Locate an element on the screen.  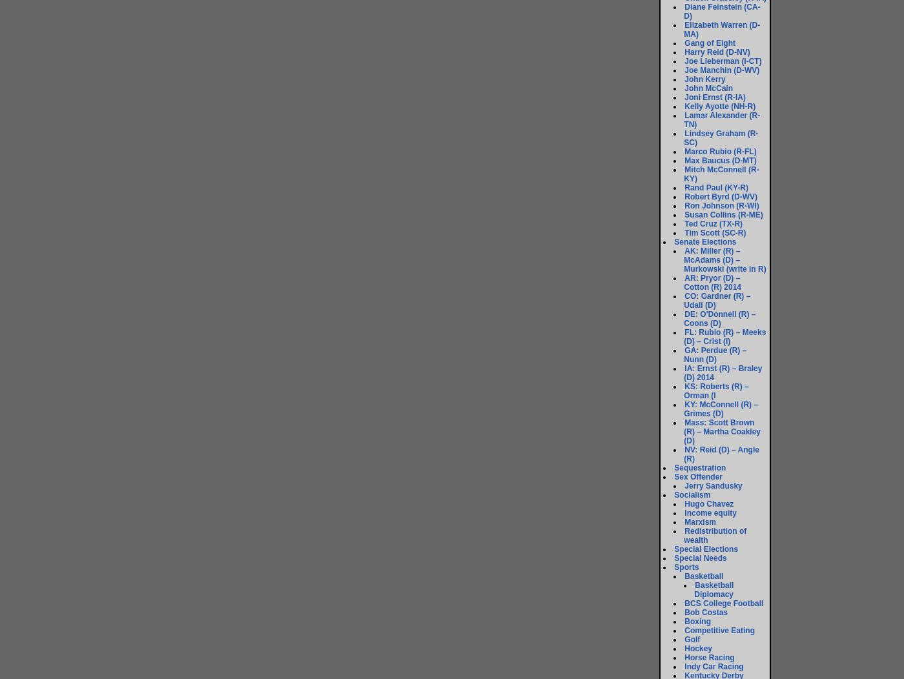
'Gang of Eight' is located at coordinates (710, 43).